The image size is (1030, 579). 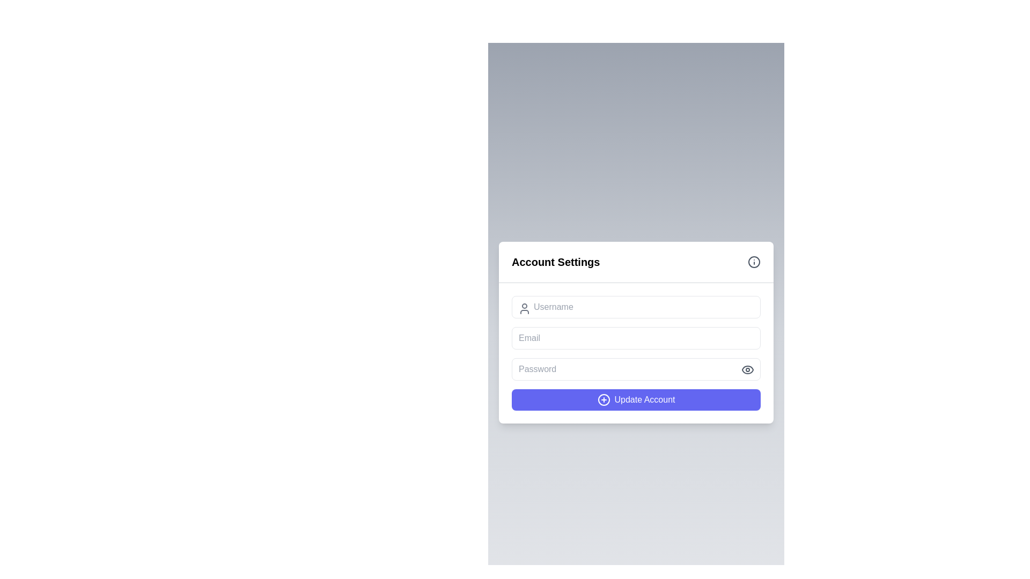 What do you see at coordinates (747, 369) in the screenshot?
I see `the small gray eye icon button located on the right-hand side of the password input field` at bounding box center [747, 369].